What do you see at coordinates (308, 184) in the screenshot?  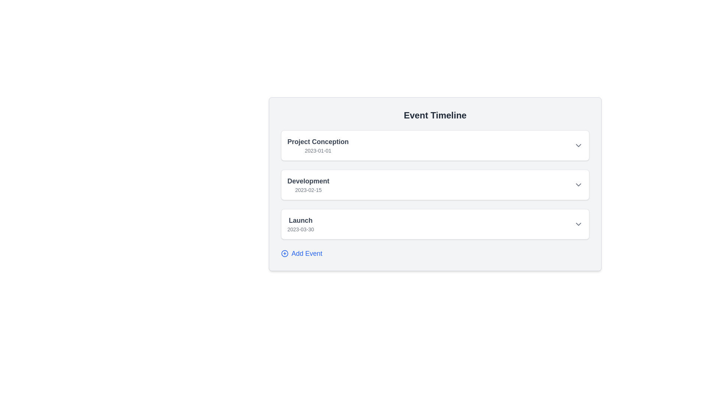 I see `the Text display element showing 'Development' in bold, dark gray color, which is positioned above '2023-02-15' in a timeline list` at bounding box center [308, 184].